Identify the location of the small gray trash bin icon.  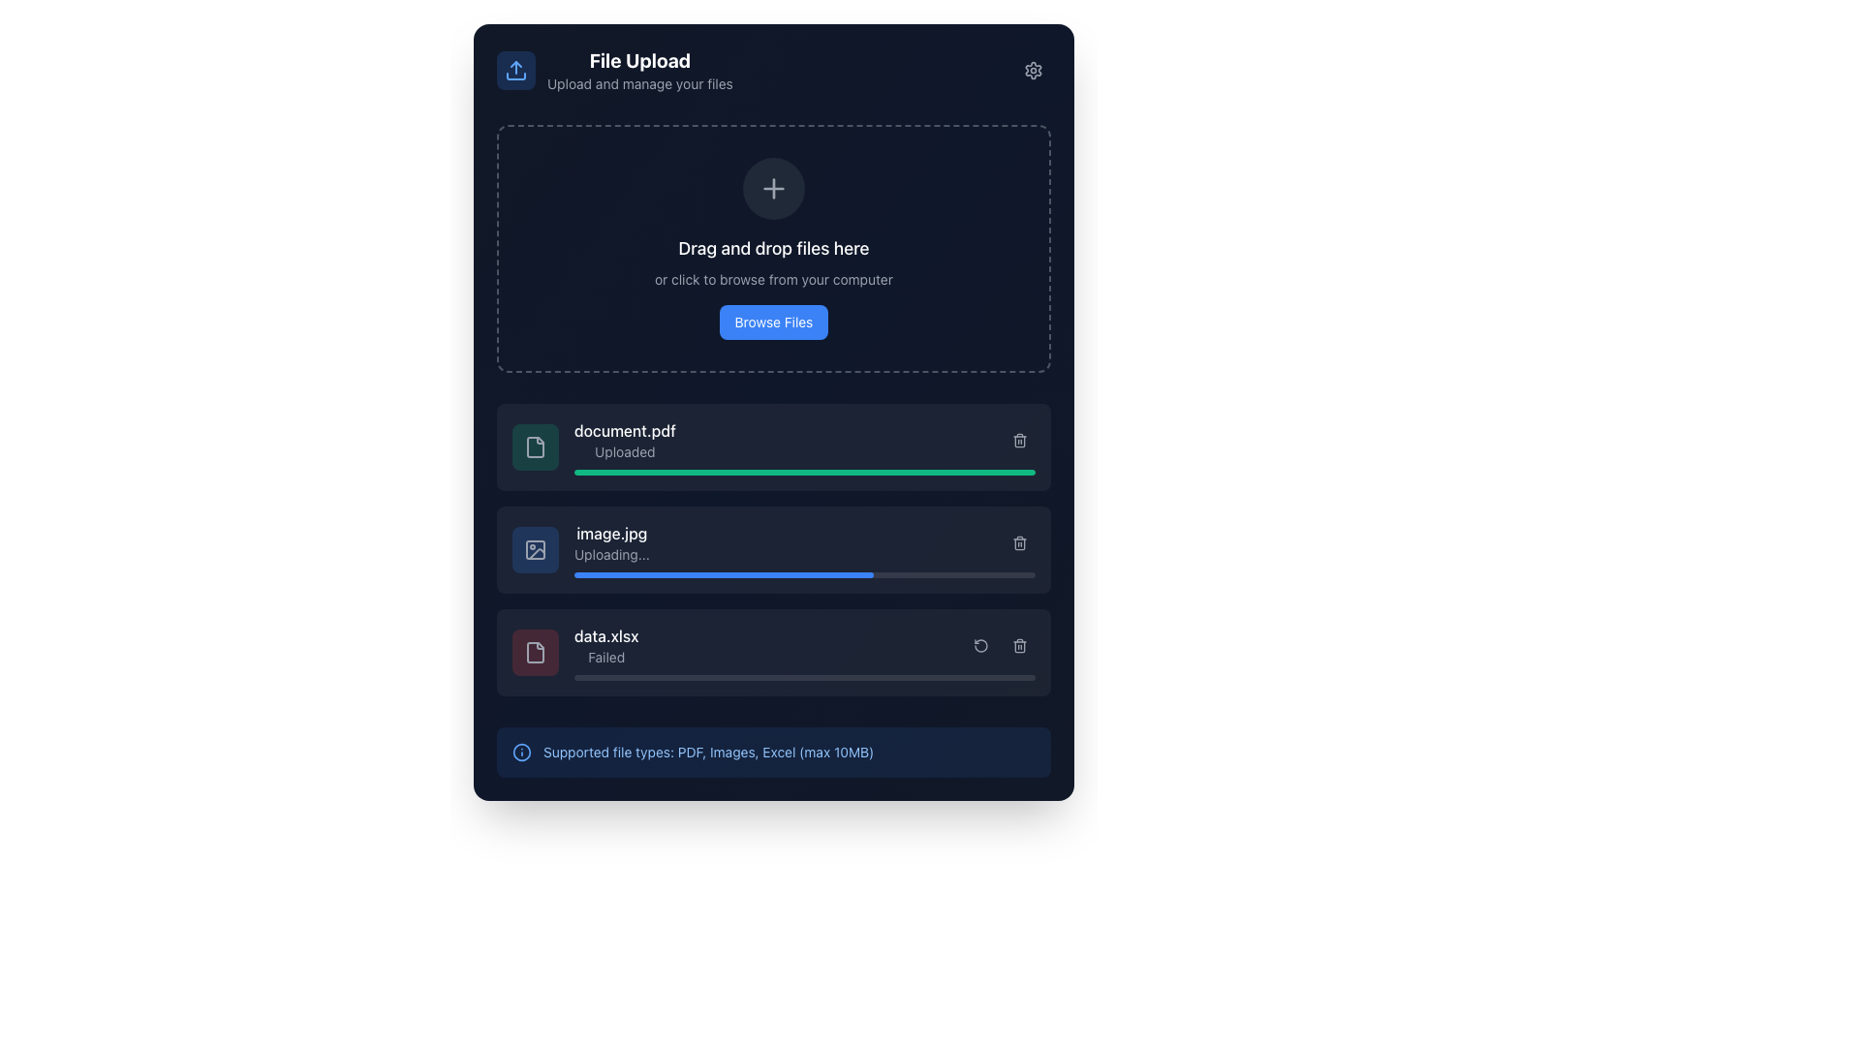
(1018, 646).